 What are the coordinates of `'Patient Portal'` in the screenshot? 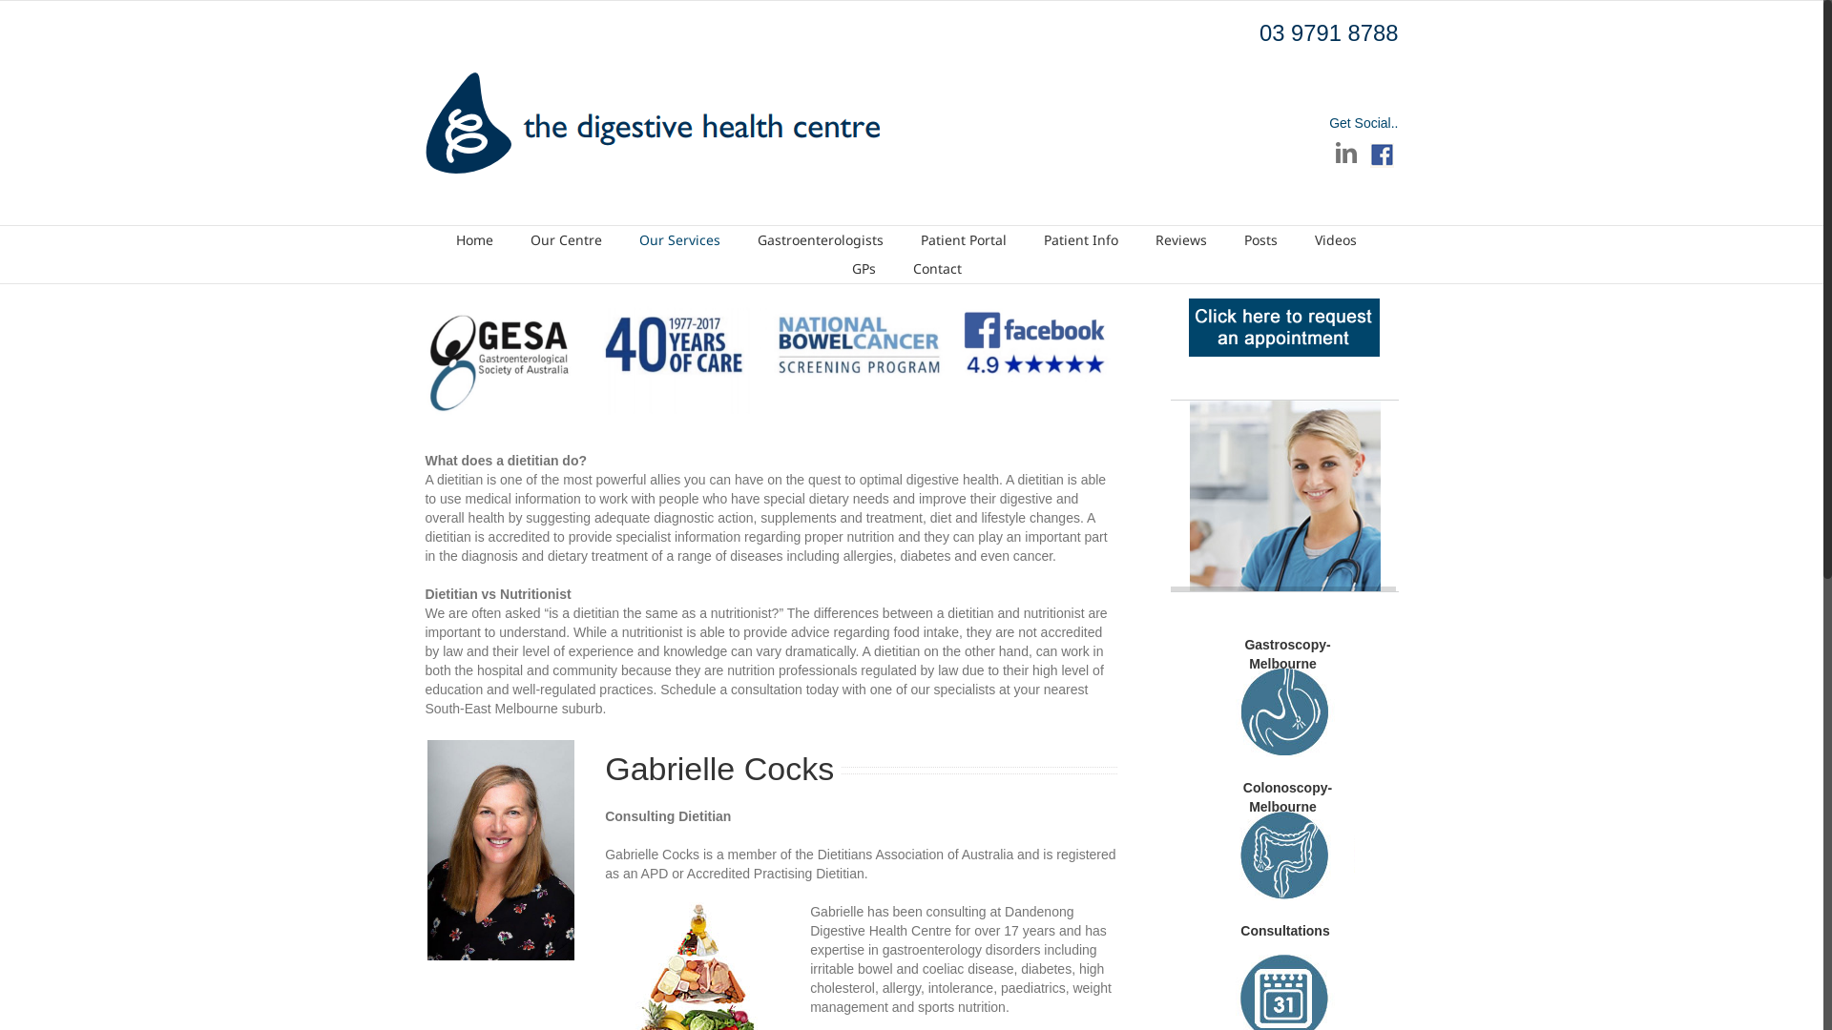 It's located at (920, 238).